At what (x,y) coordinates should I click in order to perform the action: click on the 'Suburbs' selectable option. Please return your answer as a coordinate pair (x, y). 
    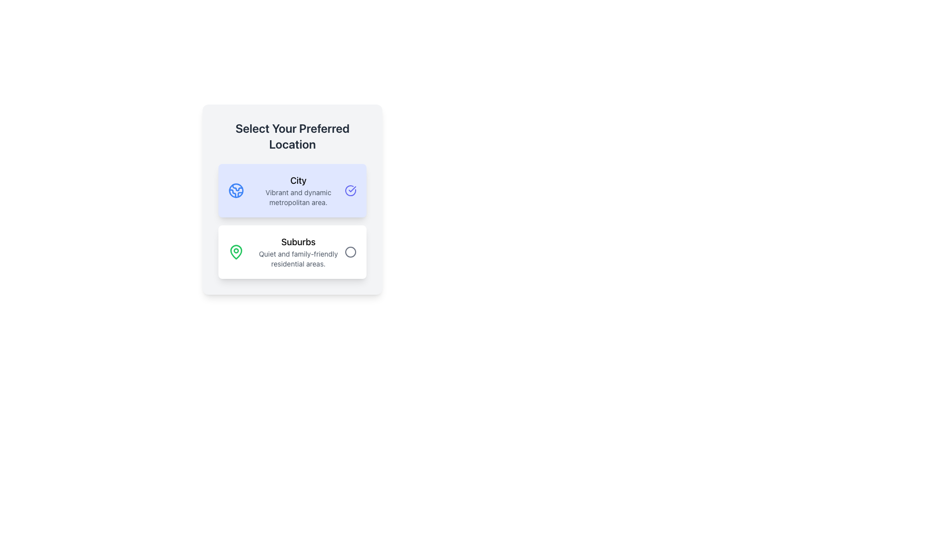
    Looking at the image, I should click on (292, 252).